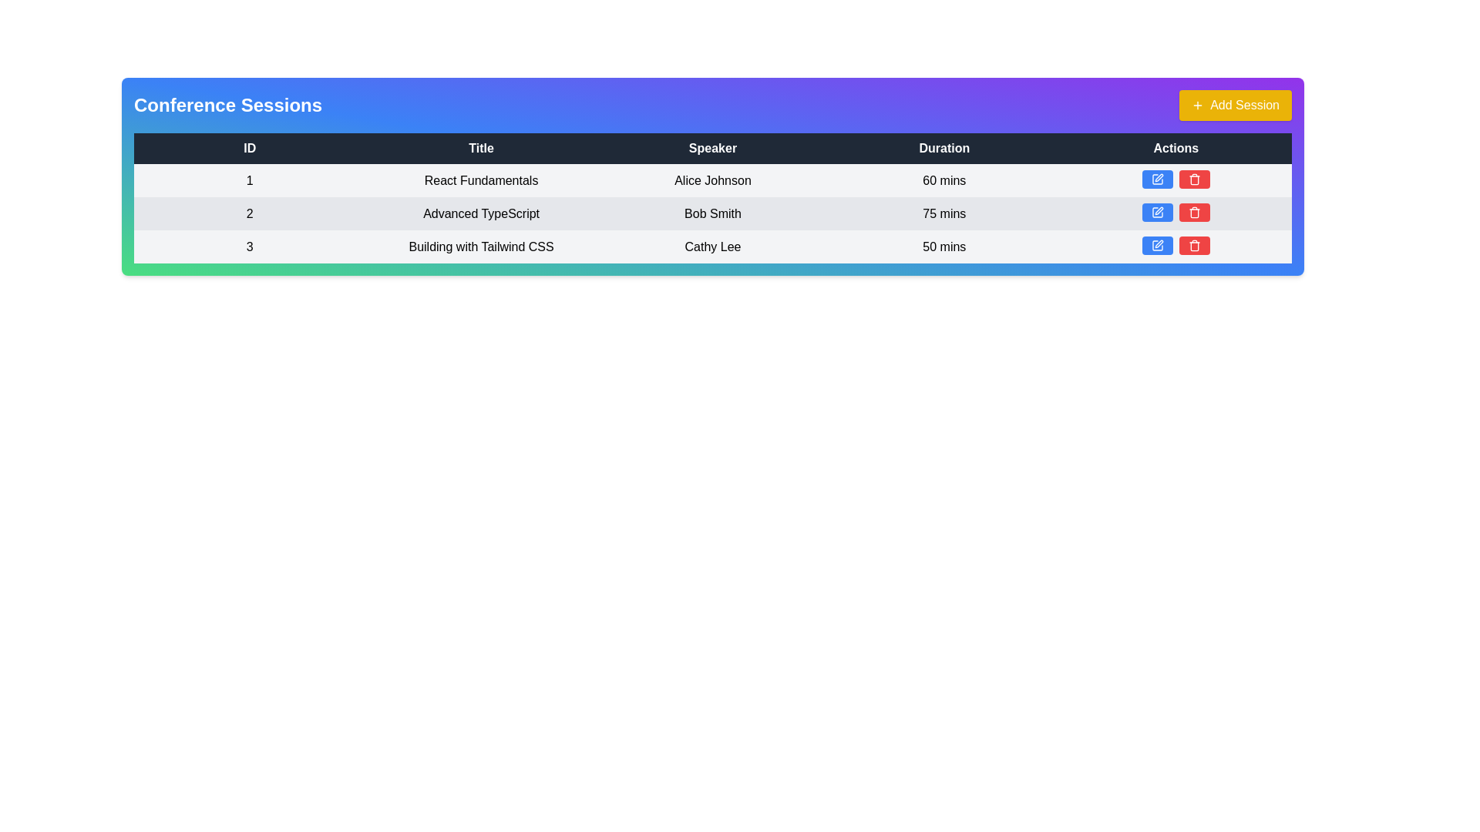 This screenshot has height=832, width=1480. What do you see at coordinates (1157, 213) in the screenshot?
I see `the square-shaped edit icon button with a pen representation located in the 'Actions' column of the second row for the session titled 'Advanced TypeScript'` at bounding box center [1157, 213].